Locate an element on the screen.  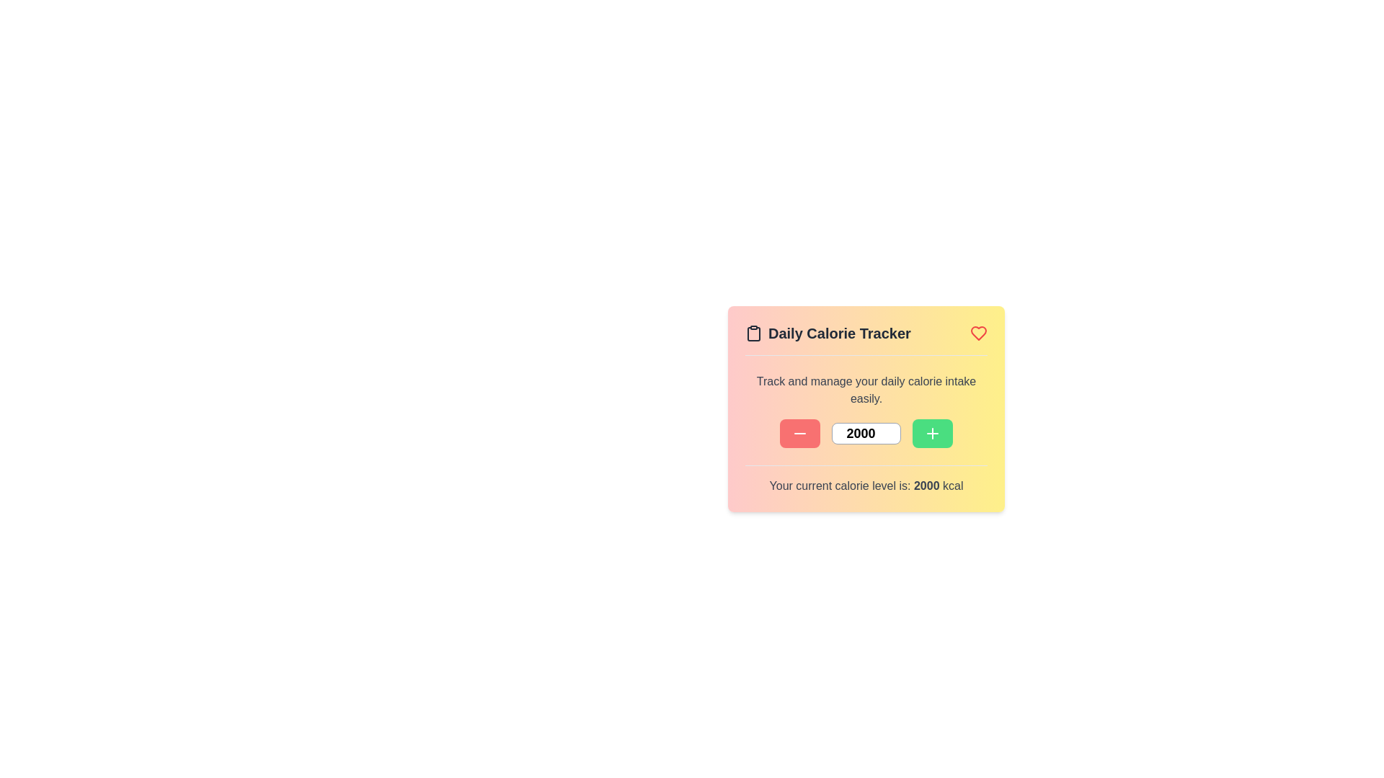
the calorie level is located at coordinates (865, 432).